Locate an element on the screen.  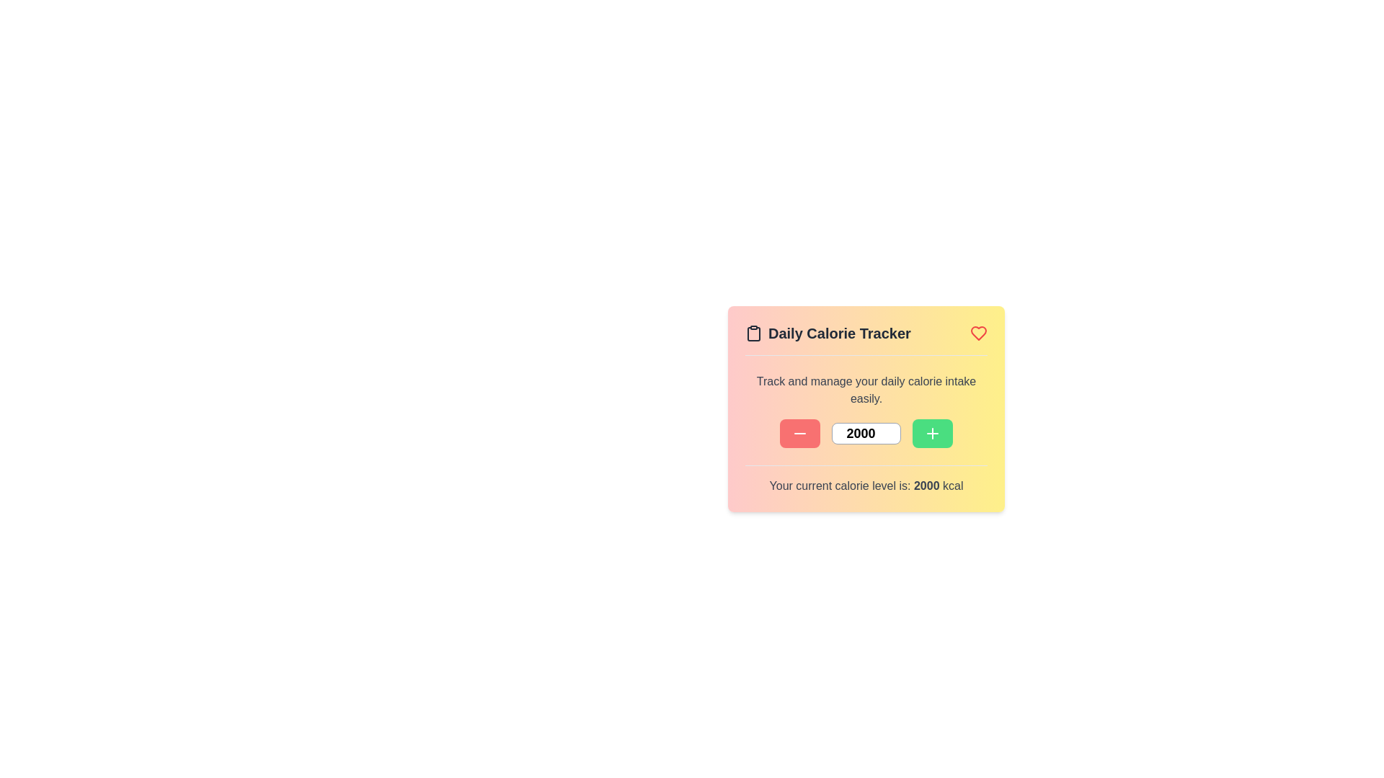
the calorie level is located at coordinates (865, 432).